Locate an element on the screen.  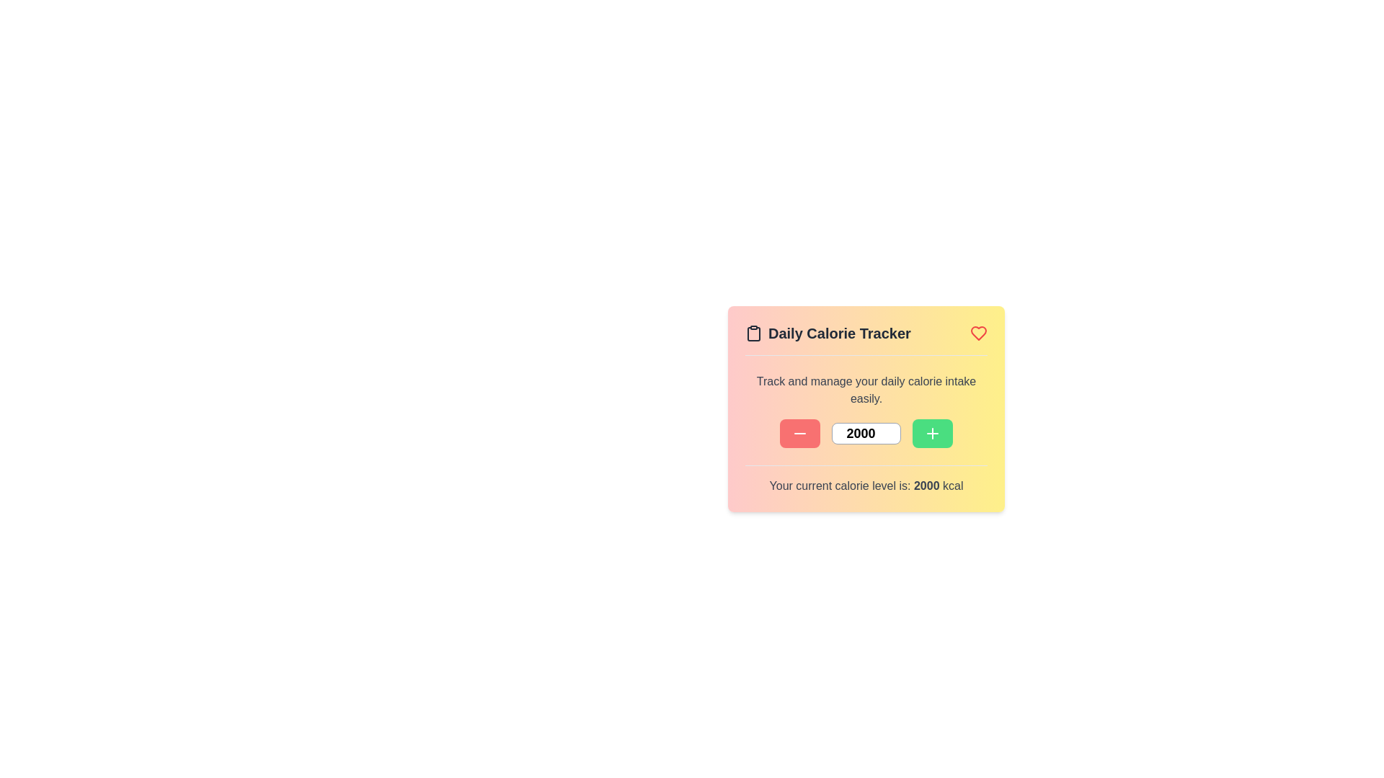
the calorie level is located at coordinates (865, 432).